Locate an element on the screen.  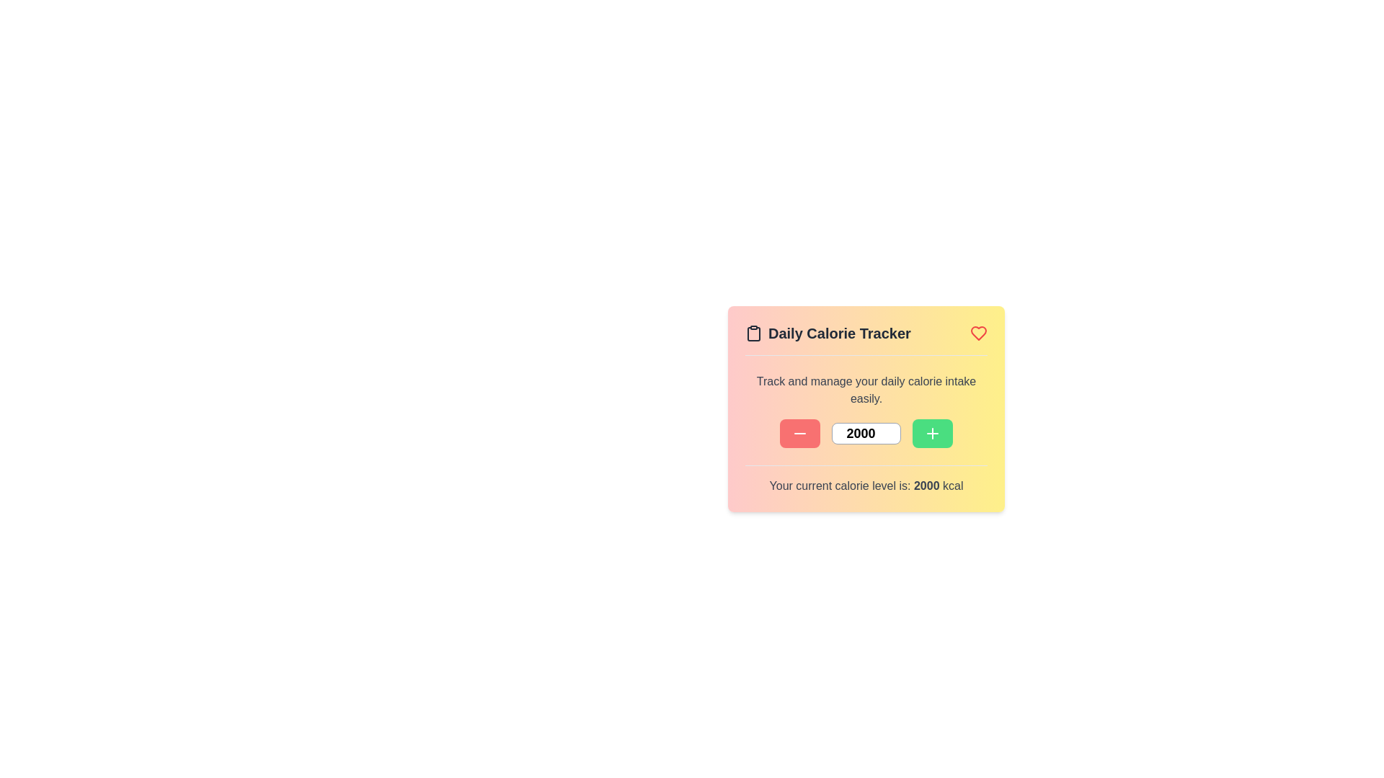
the calorie level is located at coordinates (865, 432).